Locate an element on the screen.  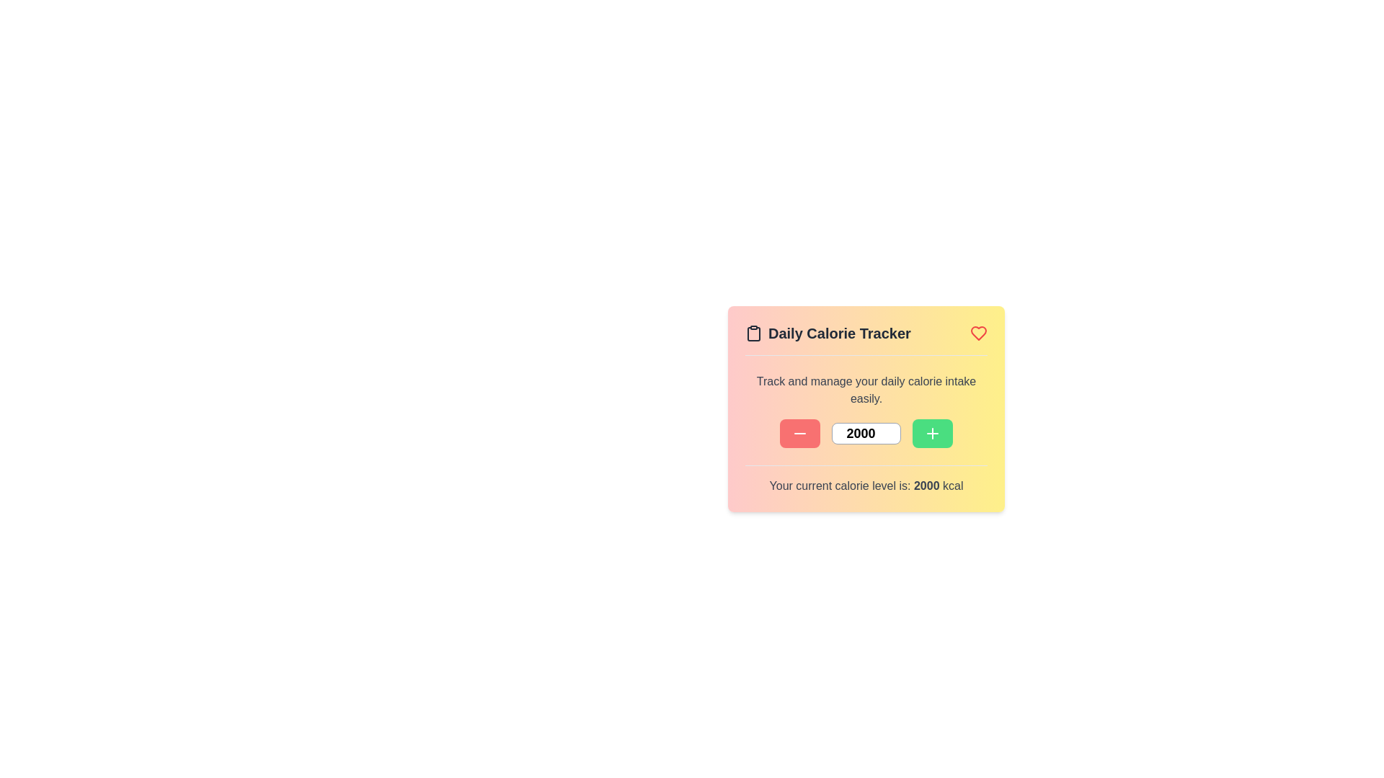
the calorie level is located at coordinates (865, 432).